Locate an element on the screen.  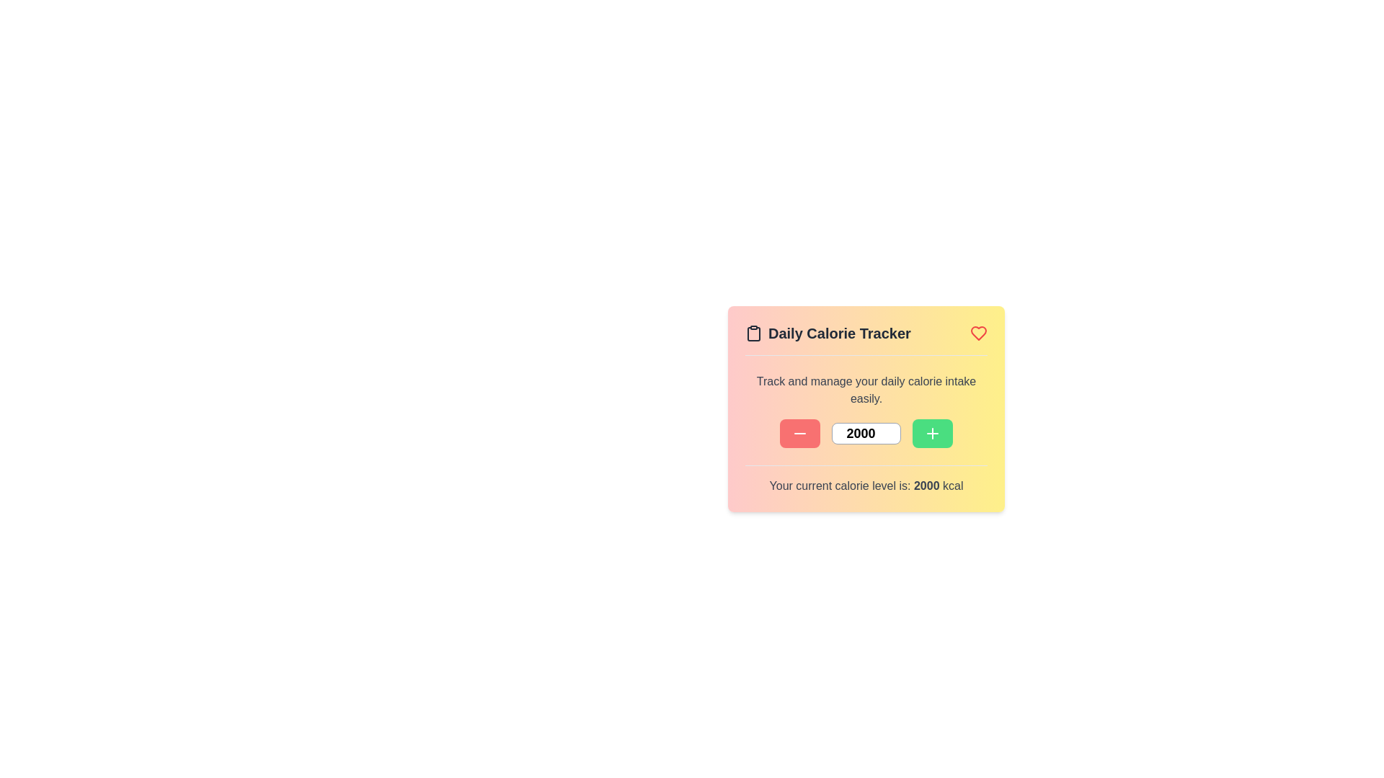
the calorie level is located at coordinates (865, 432).